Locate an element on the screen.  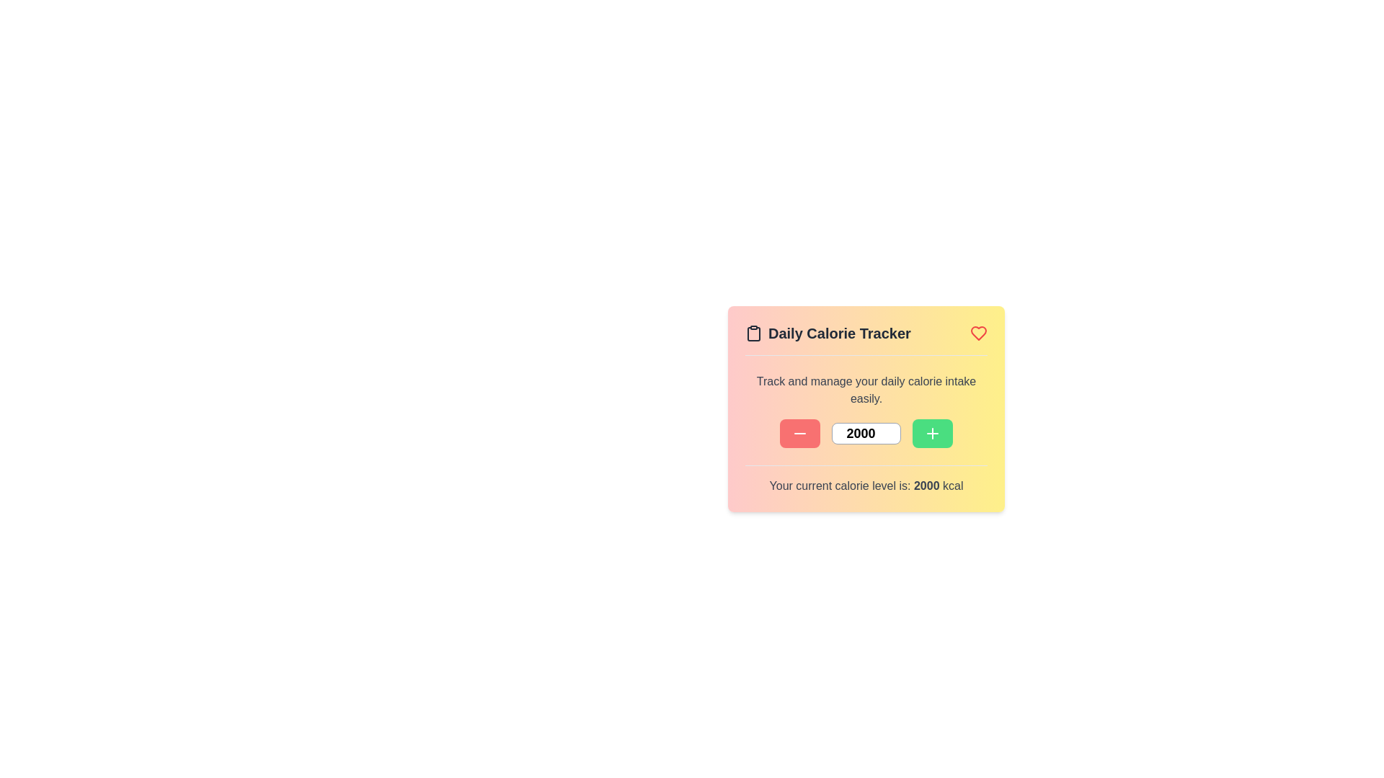
the calorie level is located at coordinates (865, 432).